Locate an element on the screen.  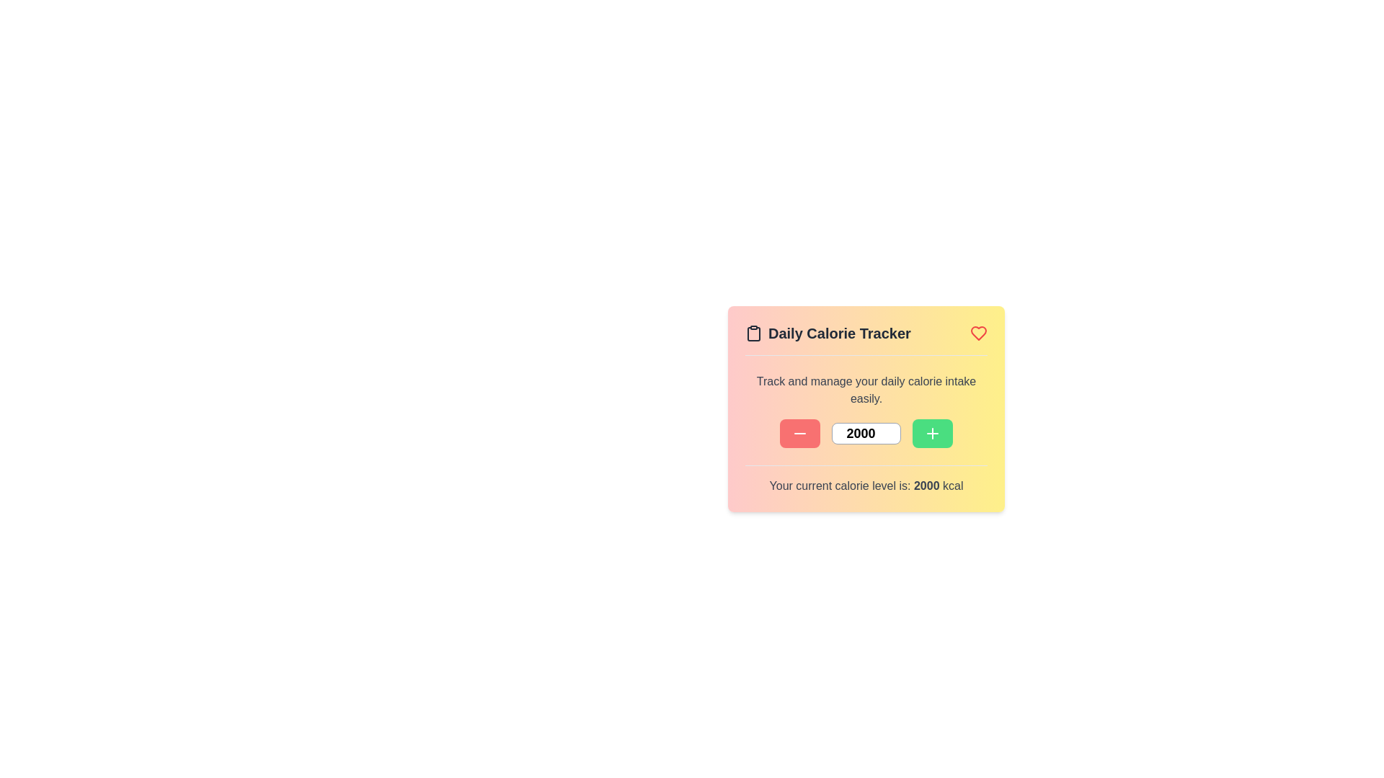
the calorie level is located at coordinates (865, 432).